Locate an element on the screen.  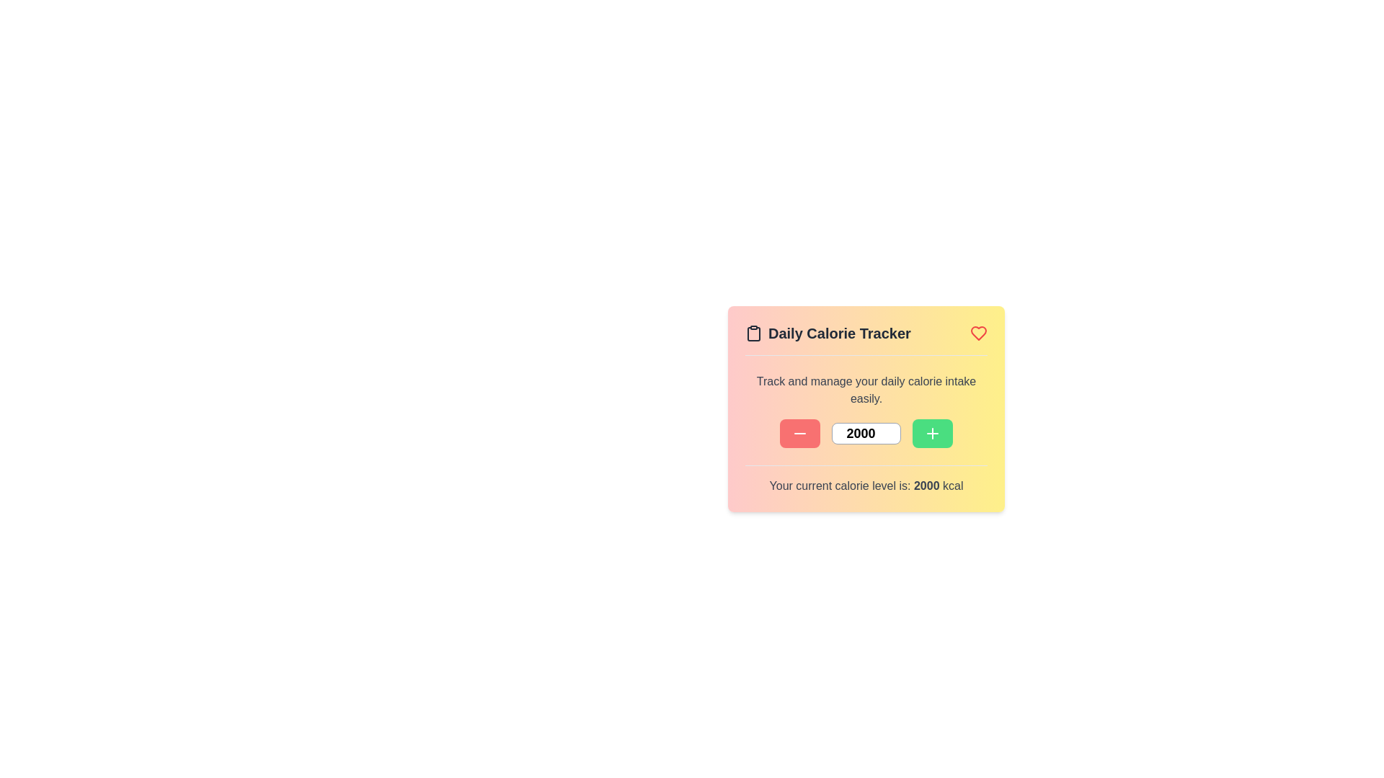
the calorie level is located at coordinates (865, 432).